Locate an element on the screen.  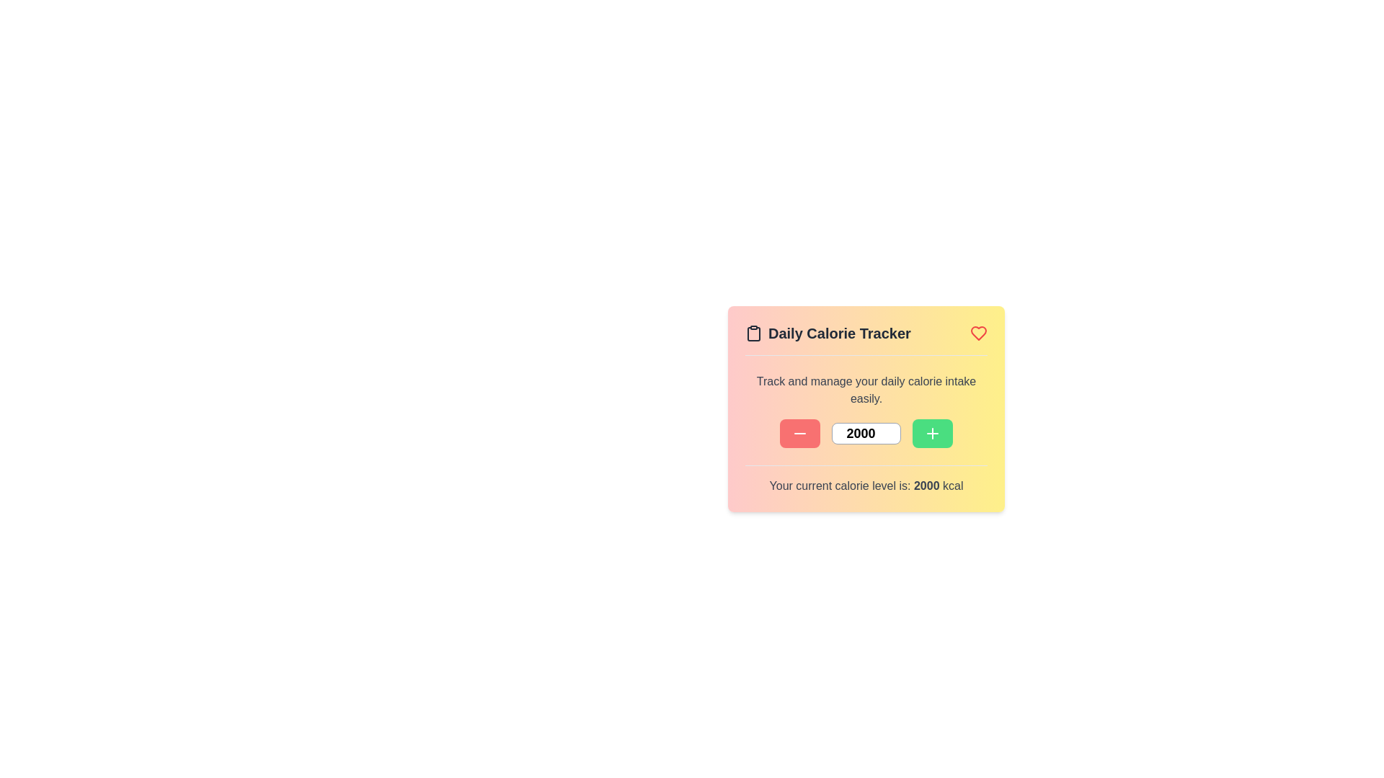
the calorie level is located at coordinates (865, 432).